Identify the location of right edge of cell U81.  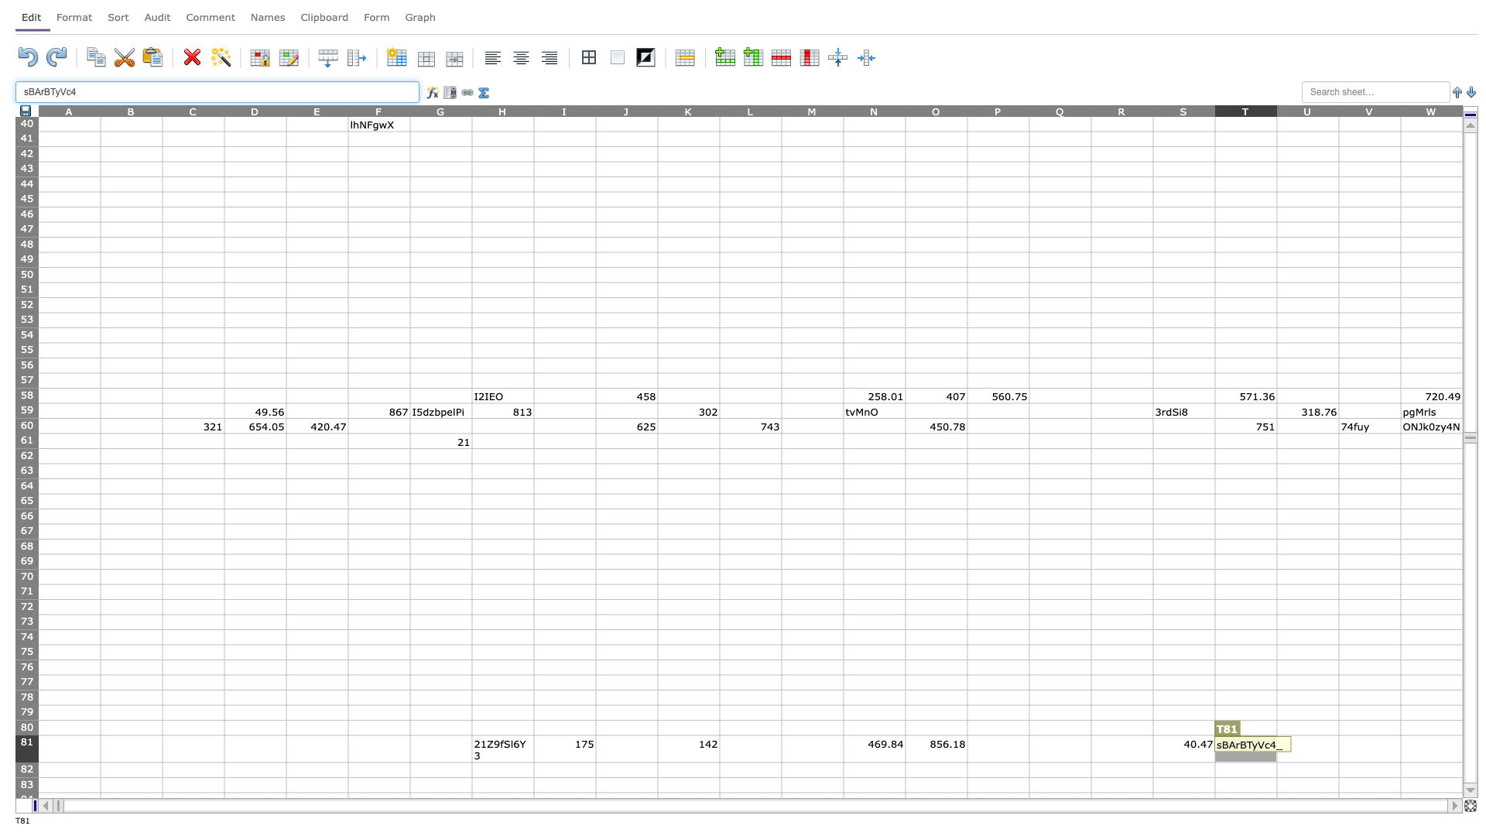
(1337, 748).